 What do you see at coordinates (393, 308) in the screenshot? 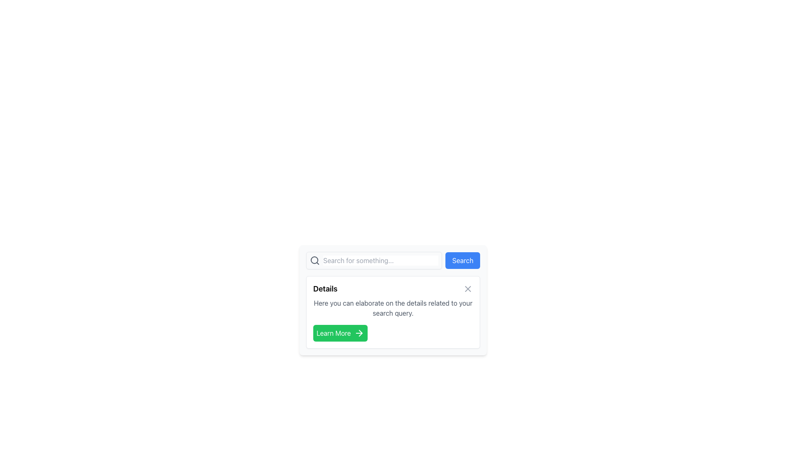
I see `text label displaying 'Here you can elaborate on the details related to your search query.' located in the modal under the 'Details' heading` at bounding box center [393, 308].